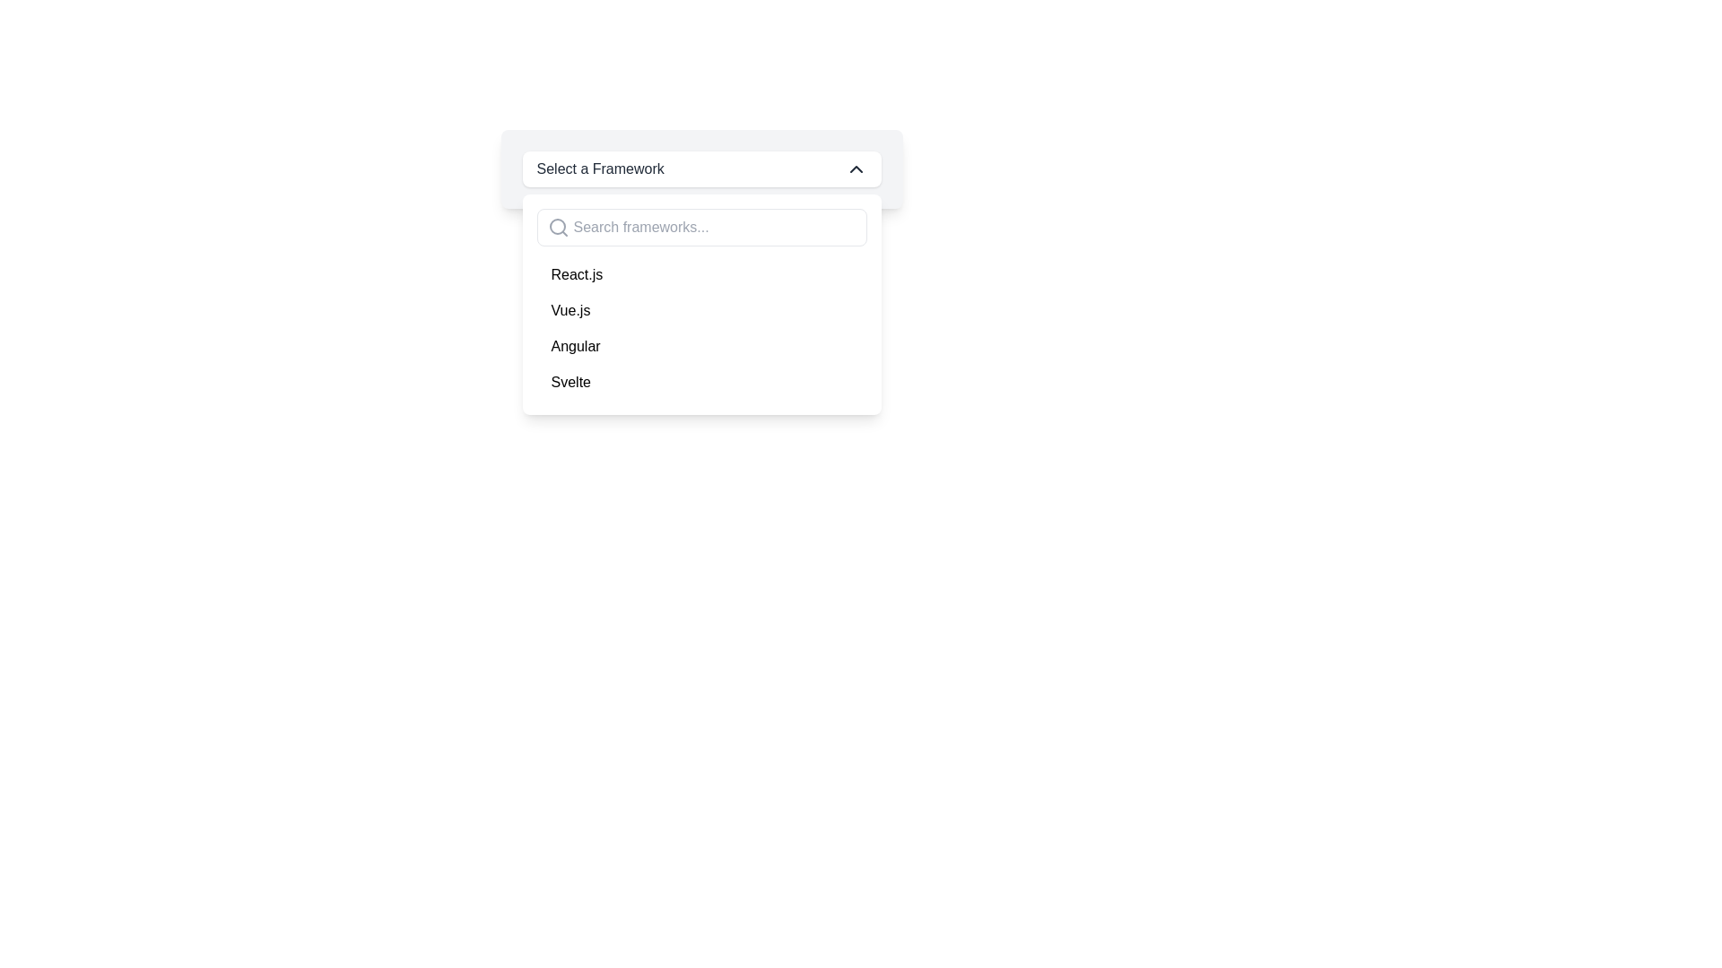 The height and width of the screenshot is (968, 1722). Describe the element at coordinates (700, 275) in the screenshot. I see `the list item labeled 'React.js'` at that location.